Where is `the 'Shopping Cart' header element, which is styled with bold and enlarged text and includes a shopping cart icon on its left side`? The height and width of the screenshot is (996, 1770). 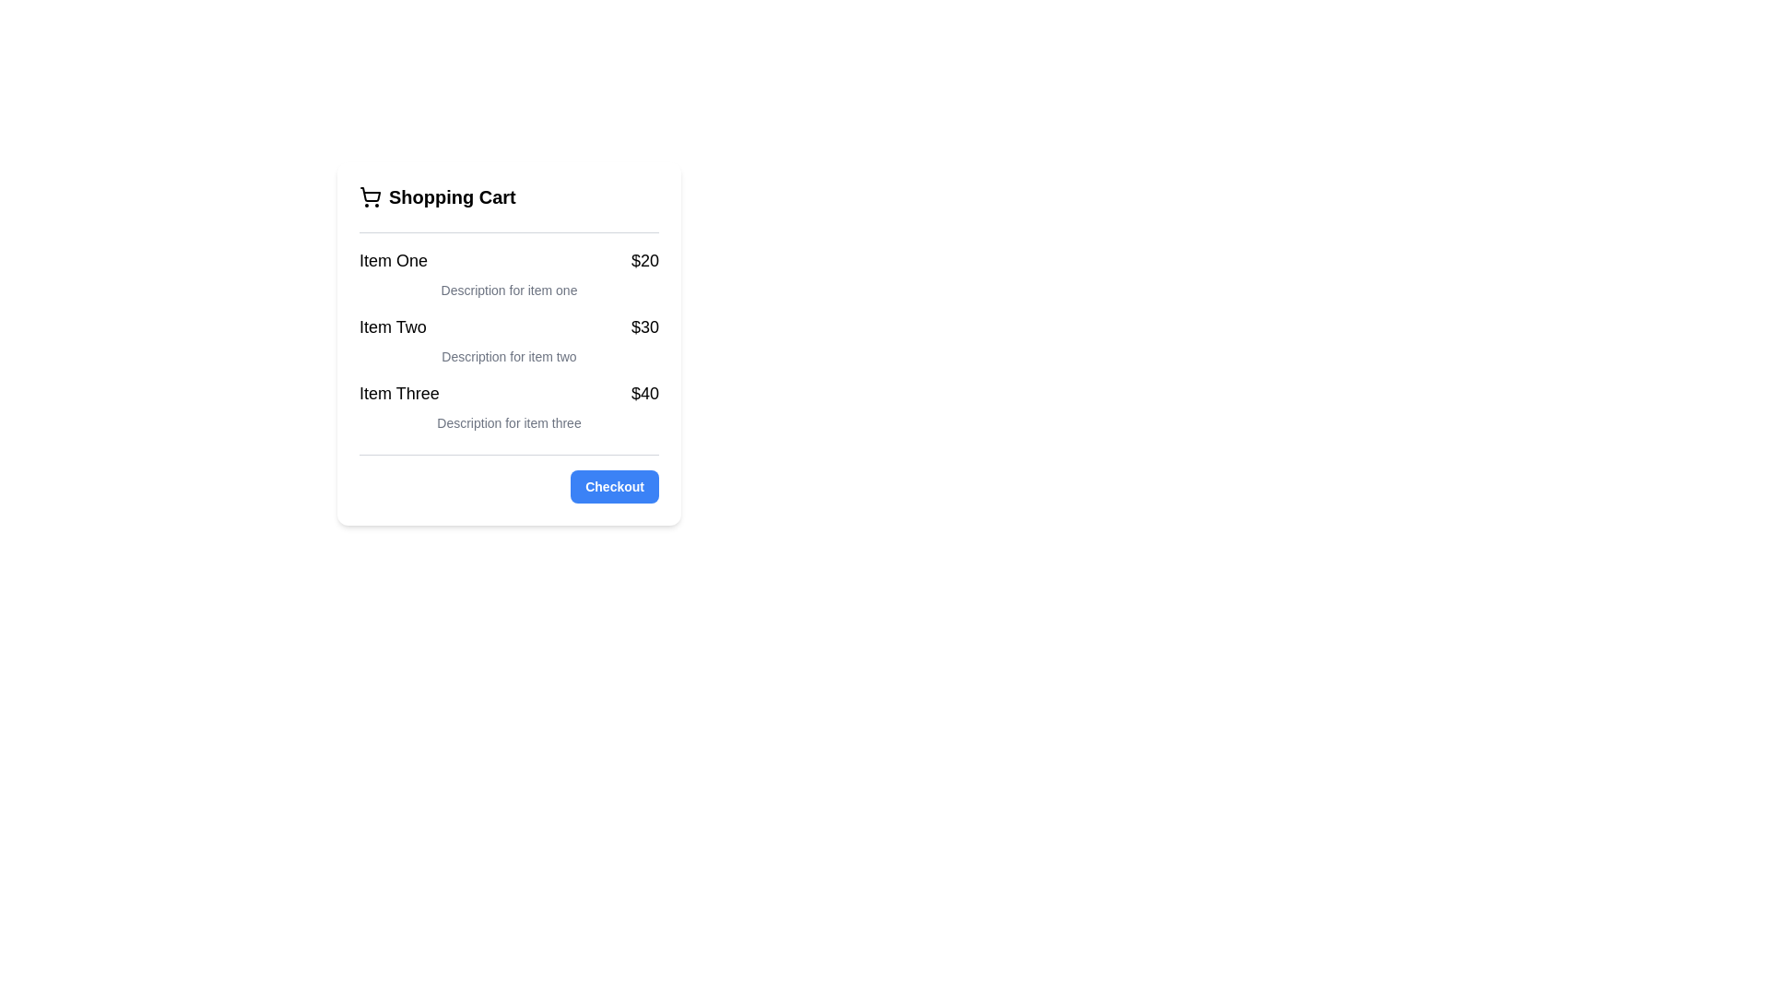
the 'Shopping Cart' header element, which is styled with bold and enlarged text and includes a shopping cart icon on its left side is located at coordinates (509, 196).